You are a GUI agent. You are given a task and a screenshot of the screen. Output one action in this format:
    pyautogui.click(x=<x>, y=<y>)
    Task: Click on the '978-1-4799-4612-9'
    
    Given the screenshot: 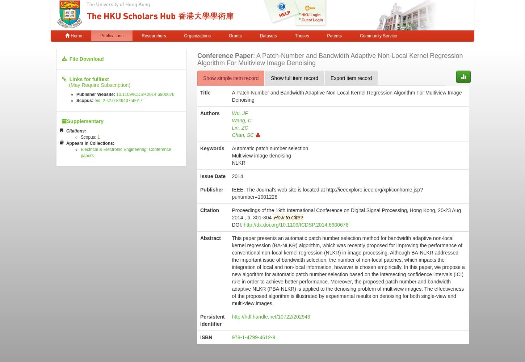 What is the action you would take?
    pyautogui.click(x=231, y=337)
    